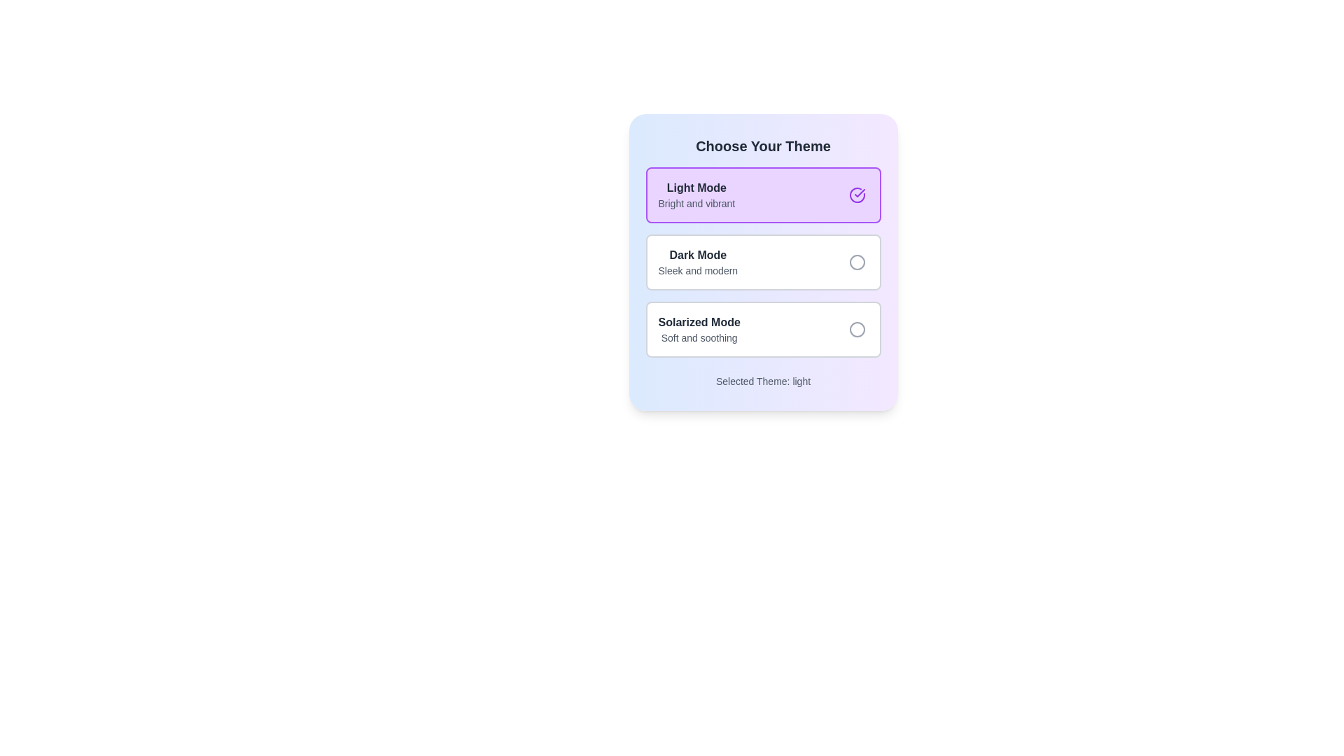  What do you see at coordinates (762, 262) in the screenshot?
I see `the selectable list item labeled 'Dark Mode' with a subtitle 'Sleek and modern', which is the second option in the theme selection list` at bounding box center [762, 262].